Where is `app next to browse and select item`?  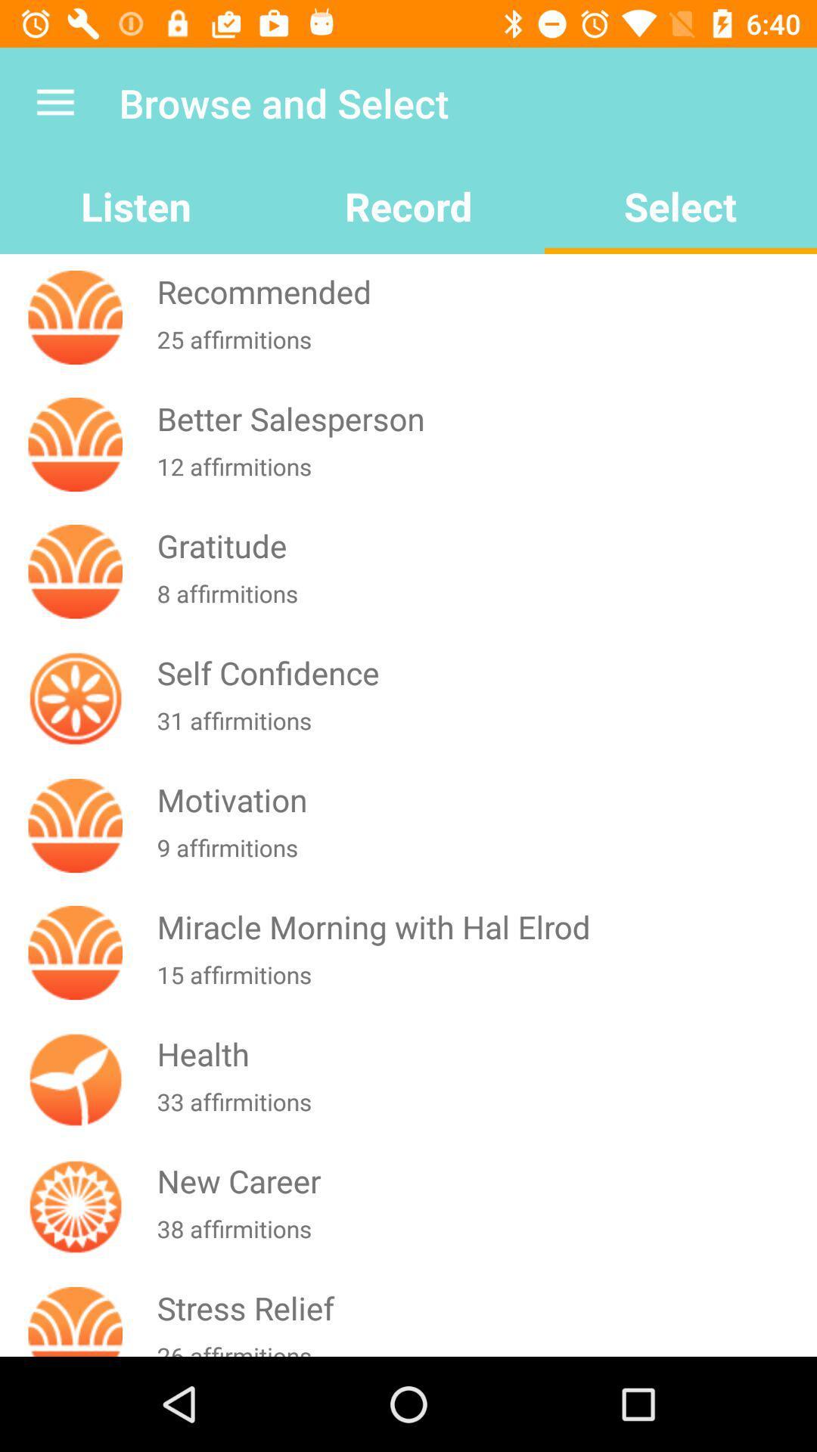 app next to browse and select item is located at coordinates (54, 102).